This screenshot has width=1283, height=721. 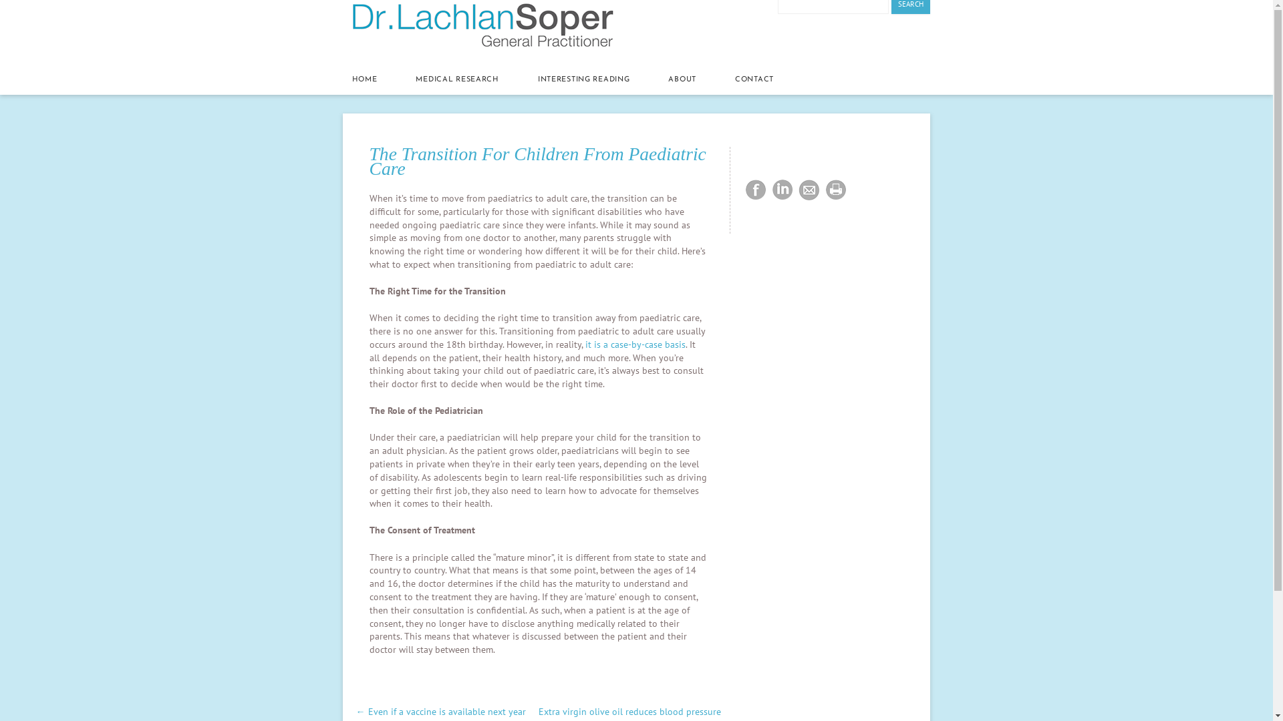 I want to click on 'LinkedIn', so click(x=782, y=190).